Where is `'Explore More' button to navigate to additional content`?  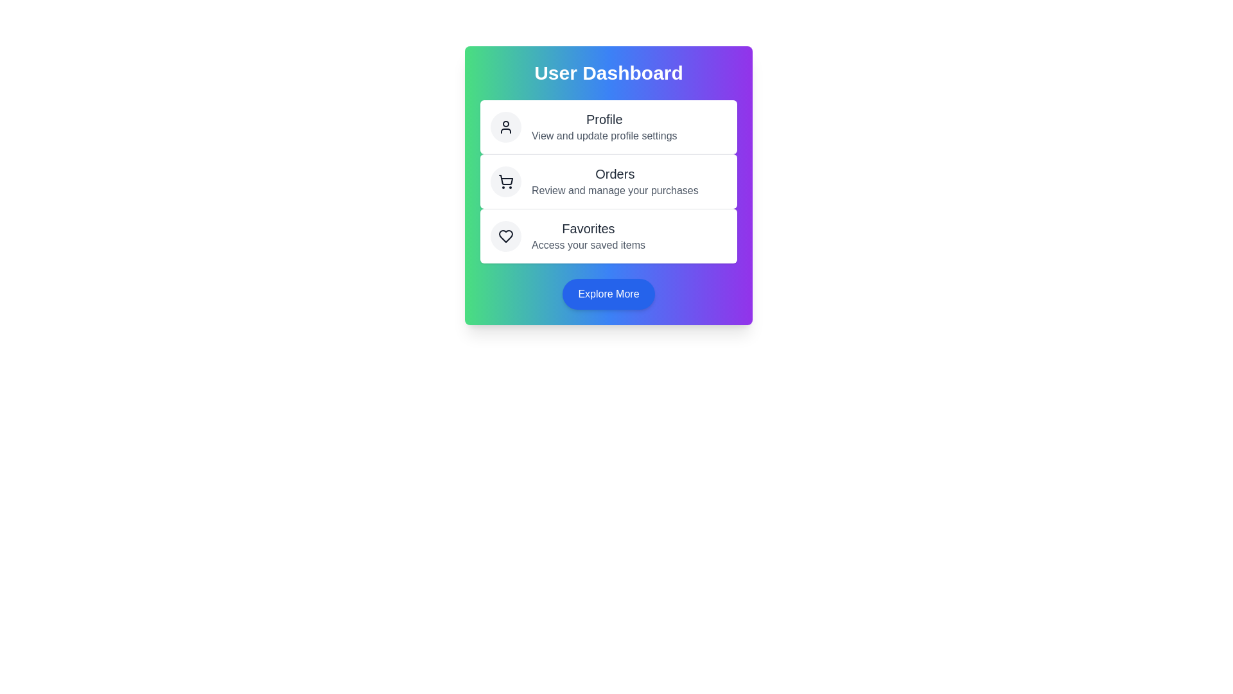 'Explore More' button to navigate to additional content is located at coordinates (608, 294).